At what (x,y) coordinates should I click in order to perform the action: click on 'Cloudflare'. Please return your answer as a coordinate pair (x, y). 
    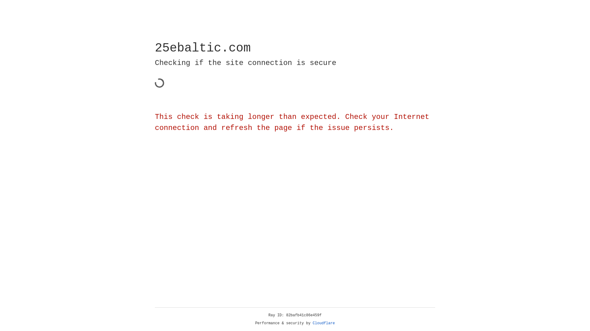
    Looking at the image, I should click on (324, 323).